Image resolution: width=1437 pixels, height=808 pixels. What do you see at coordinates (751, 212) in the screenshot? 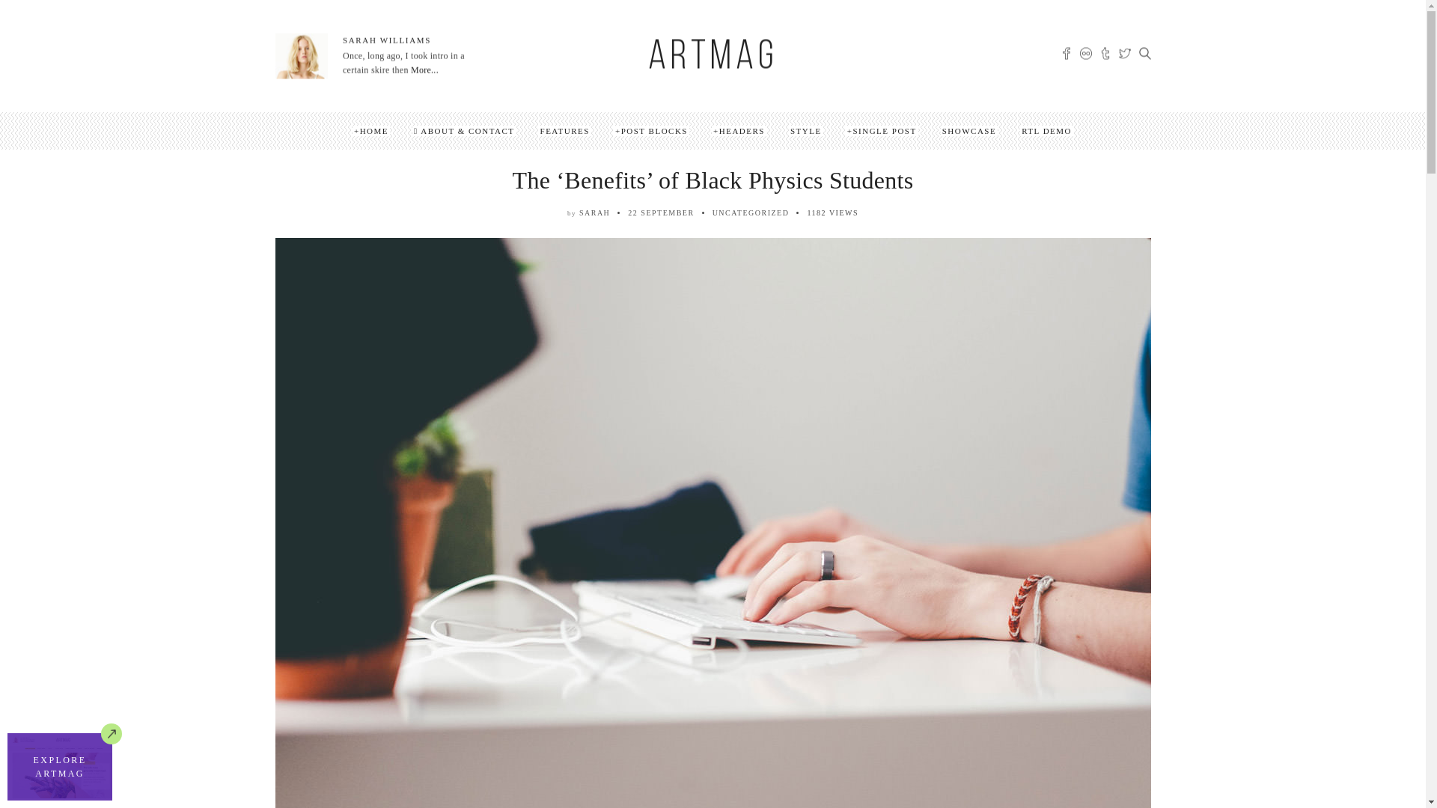
I see `'UNCATEGORIZED'` at bounding box center [751, 212].